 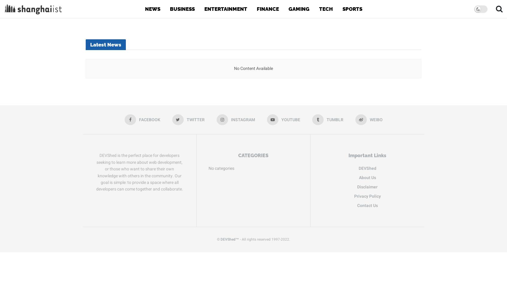 What do you see at coordinates (376, 120) in the screenshot?
I see `'Weibo'` at bounding box center [376, 120].